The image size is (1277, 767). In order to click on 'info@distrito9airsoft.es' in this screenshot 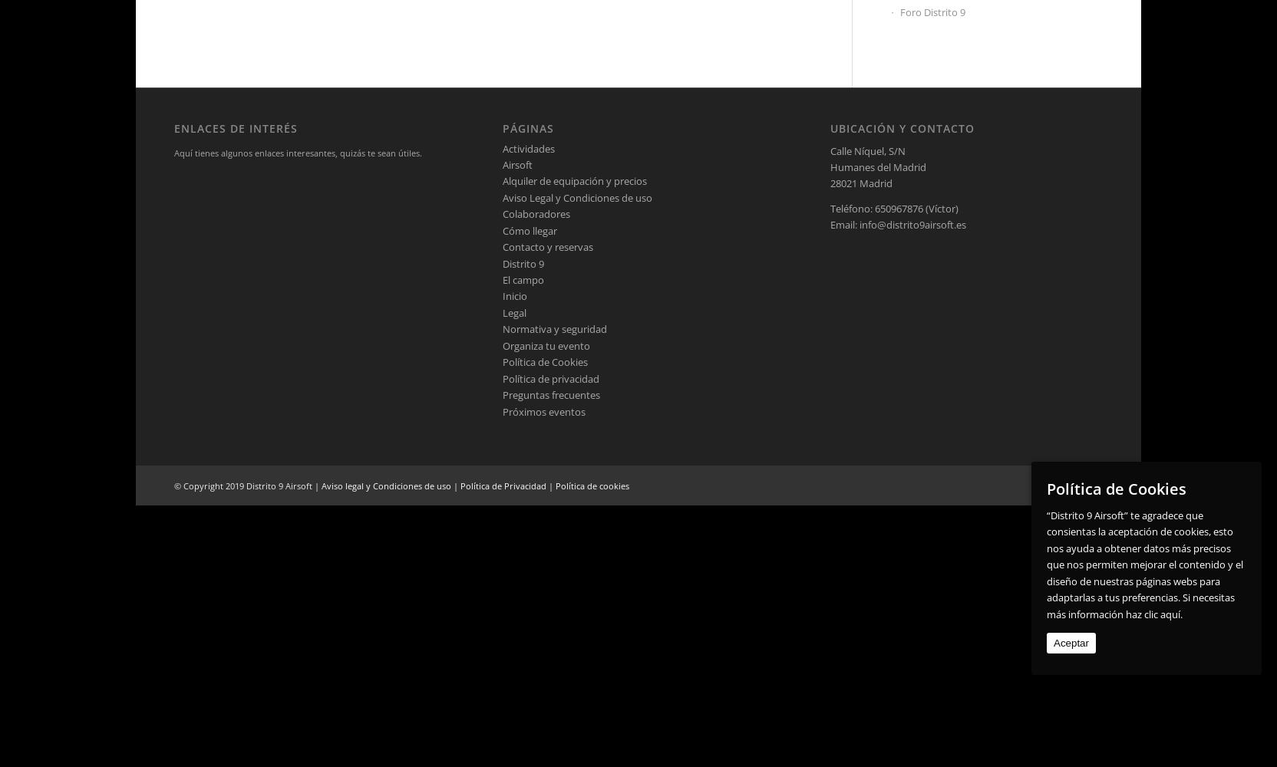, I will do `click(912, 225)`.